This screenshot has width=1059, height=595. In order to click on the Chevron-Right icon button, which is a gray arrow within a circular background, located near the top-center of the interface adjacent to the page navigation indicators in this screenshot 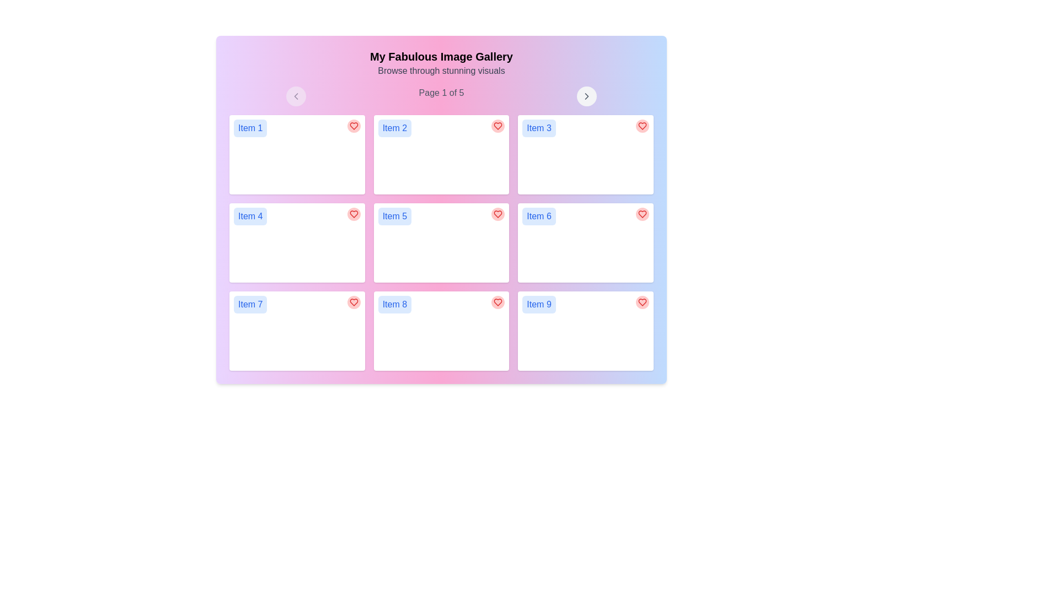, I will do `click(586, 95)`.